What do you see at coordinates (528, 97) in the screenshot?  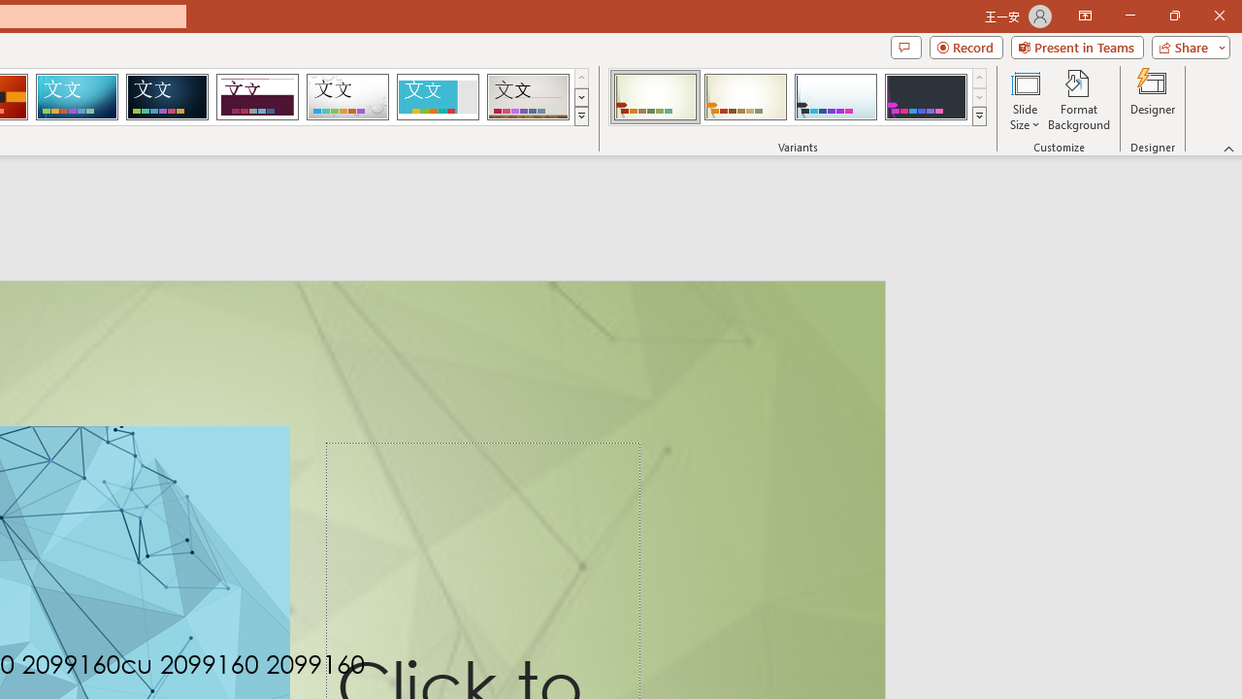 I see `'Gallery'` at bounding box center [528, 97].